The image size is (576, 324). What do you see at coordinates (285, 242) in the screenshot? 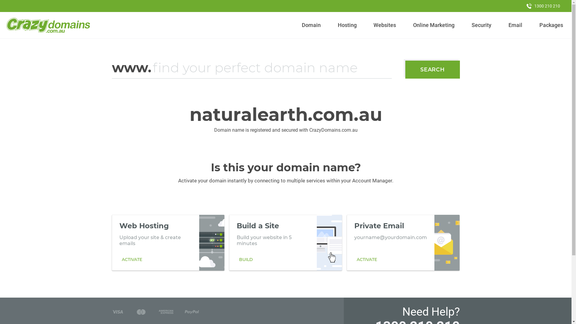
I see `'Build a Site` at bounding box center [285, 242].